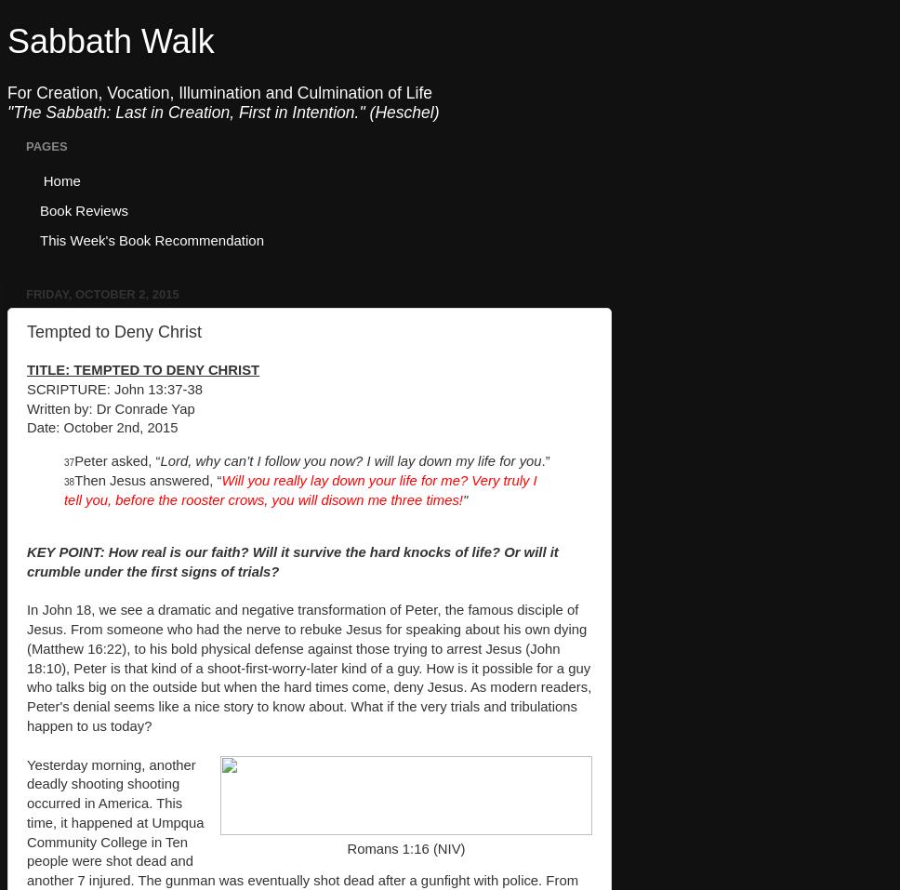 Image resolution: width=900 pixels, height=890 pixels. Describe the element at coordinates (63, 481) in the screenshot. I see `'38'` at that location.